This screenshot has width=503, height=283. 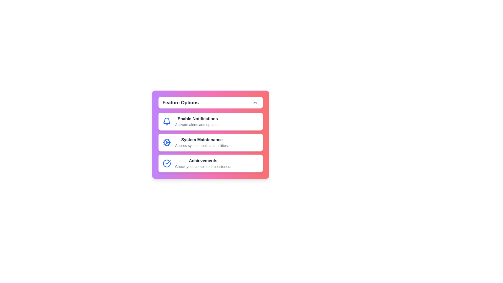 What do you see at coordinates (210, 163) in the screenshot?
I see `the feature item Achievements` at bounding box center [210, 163].